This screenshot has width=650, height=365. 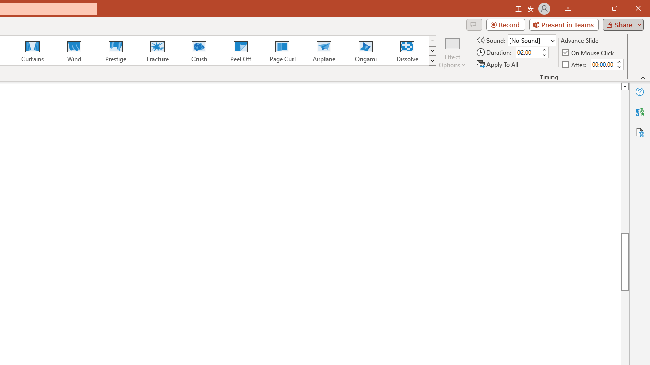 What do you see at coordinates (451, 52) in the screenshot?
I see `'Effect Options'` at bounding box center [451, 52].